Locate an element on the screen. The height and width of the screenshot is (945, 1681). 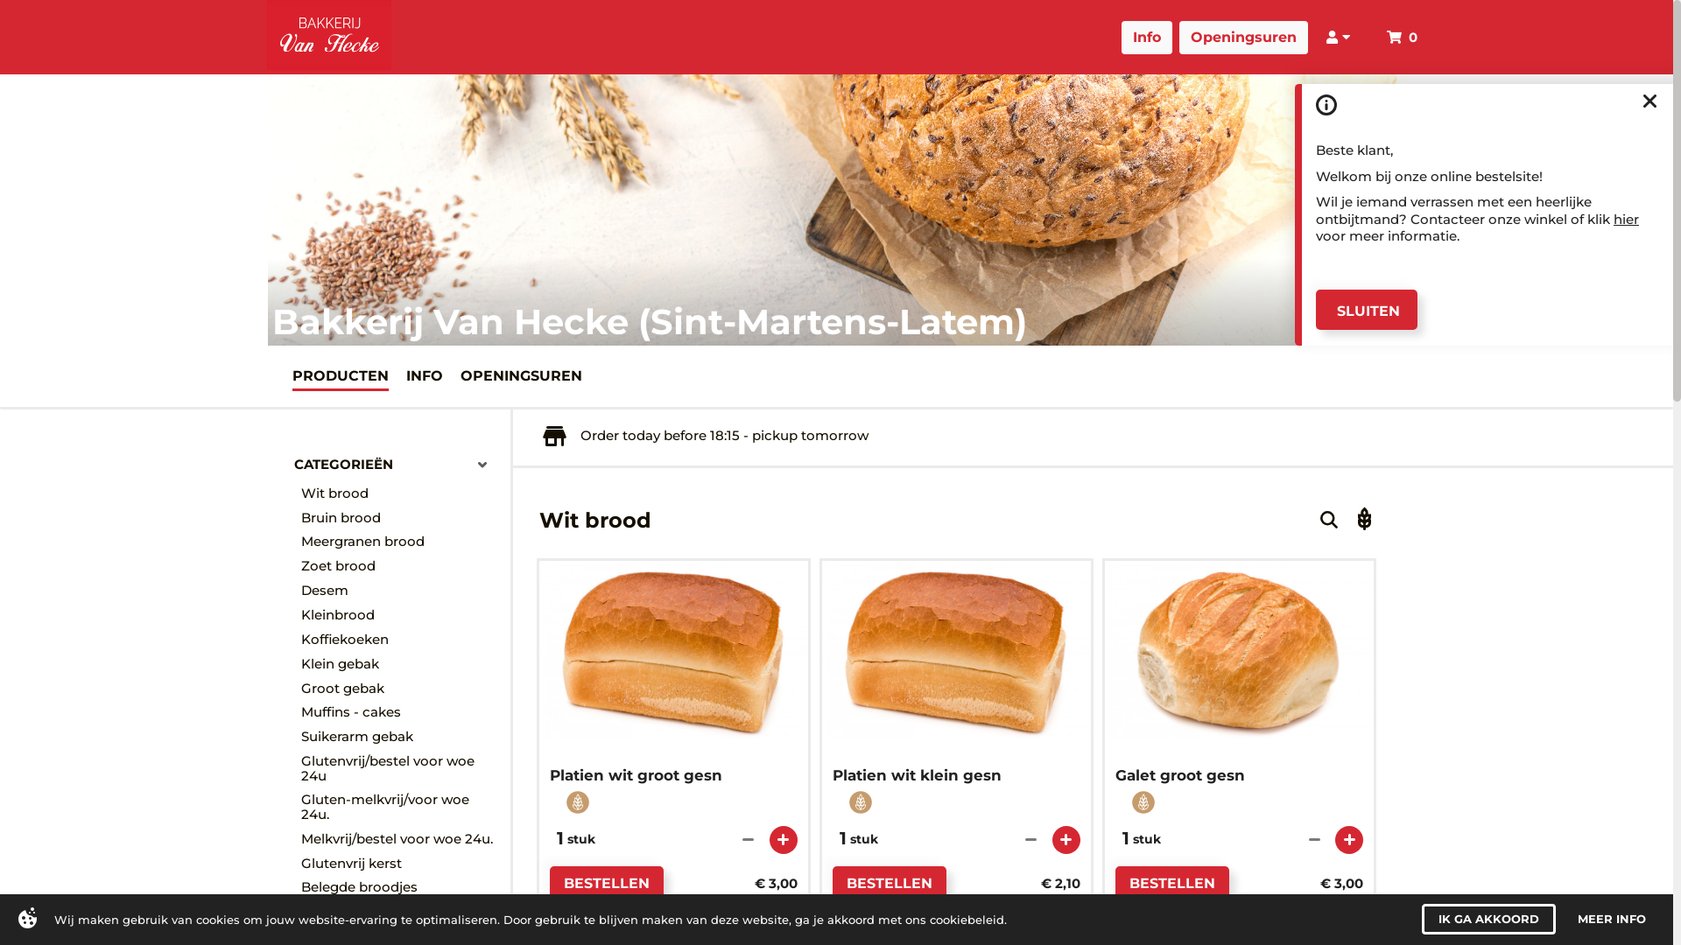
'IK GA AKKOORD' is located at coordinates (1488, 918).